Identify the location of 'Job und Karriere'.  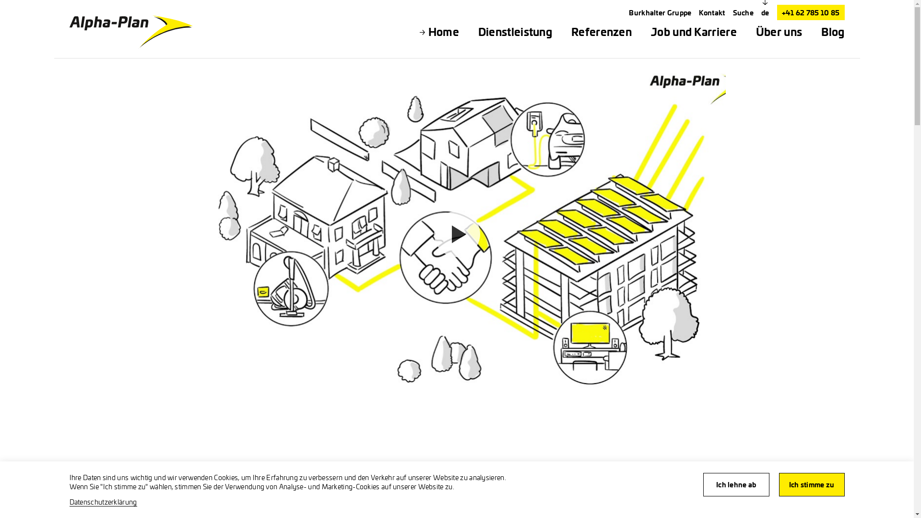
(694, 31).